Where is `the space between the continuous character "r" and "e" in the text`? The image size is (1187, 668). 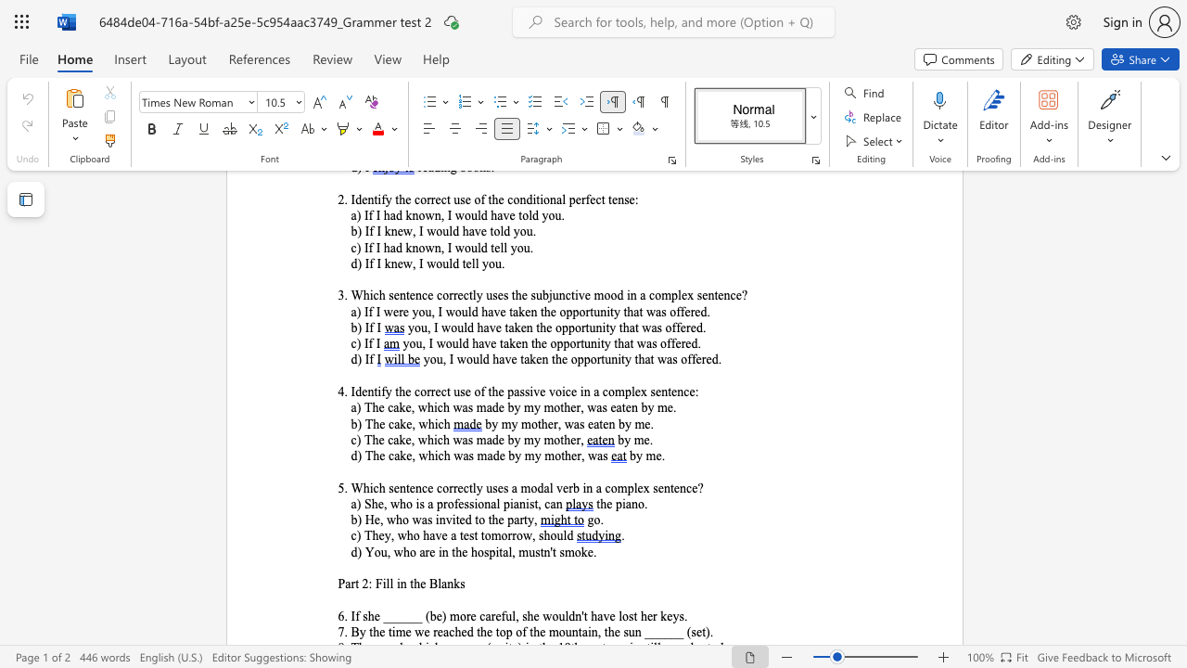
the space between the continuous character "r" and "e" in the text is located at coordinates (437, 631).